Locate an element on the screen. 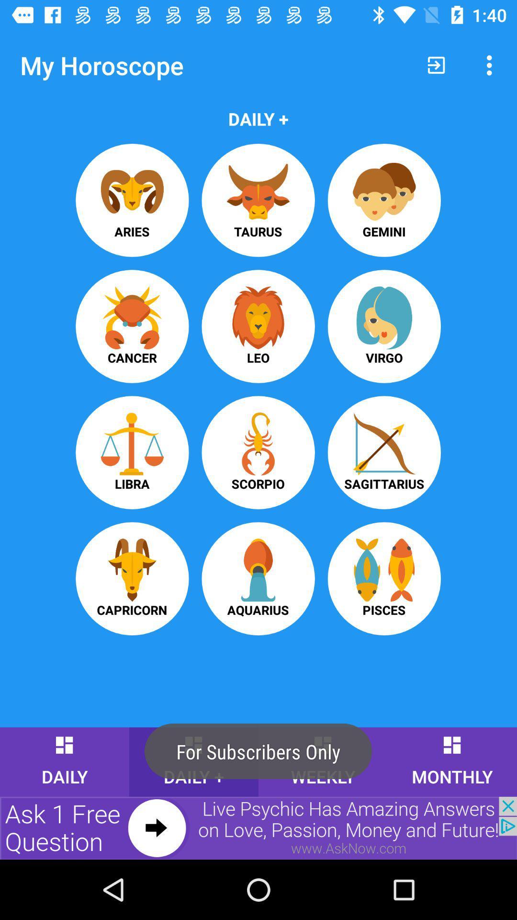 This screenshot has width=517, height=920. advertisement is located at coordinates (258, 828).